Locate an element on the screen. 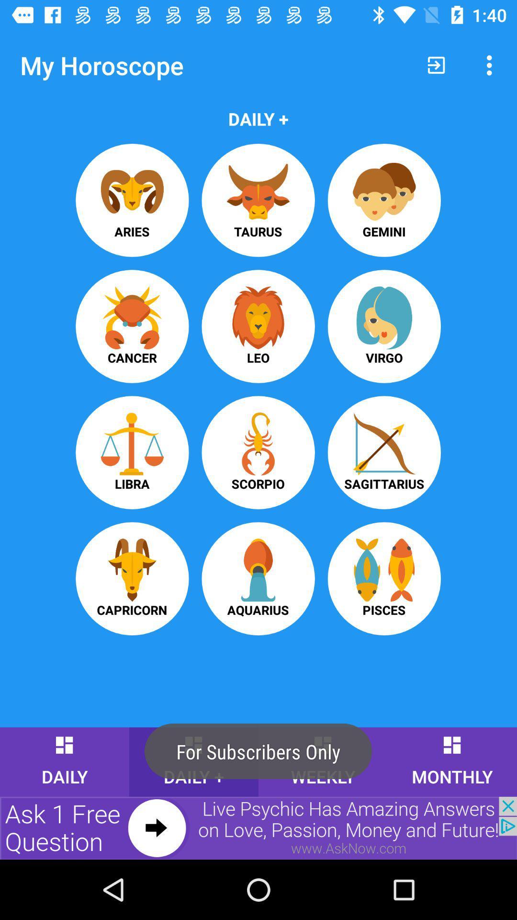 This screenshot has width=517, height=920. advertisement is located at coordinates (258, 828).